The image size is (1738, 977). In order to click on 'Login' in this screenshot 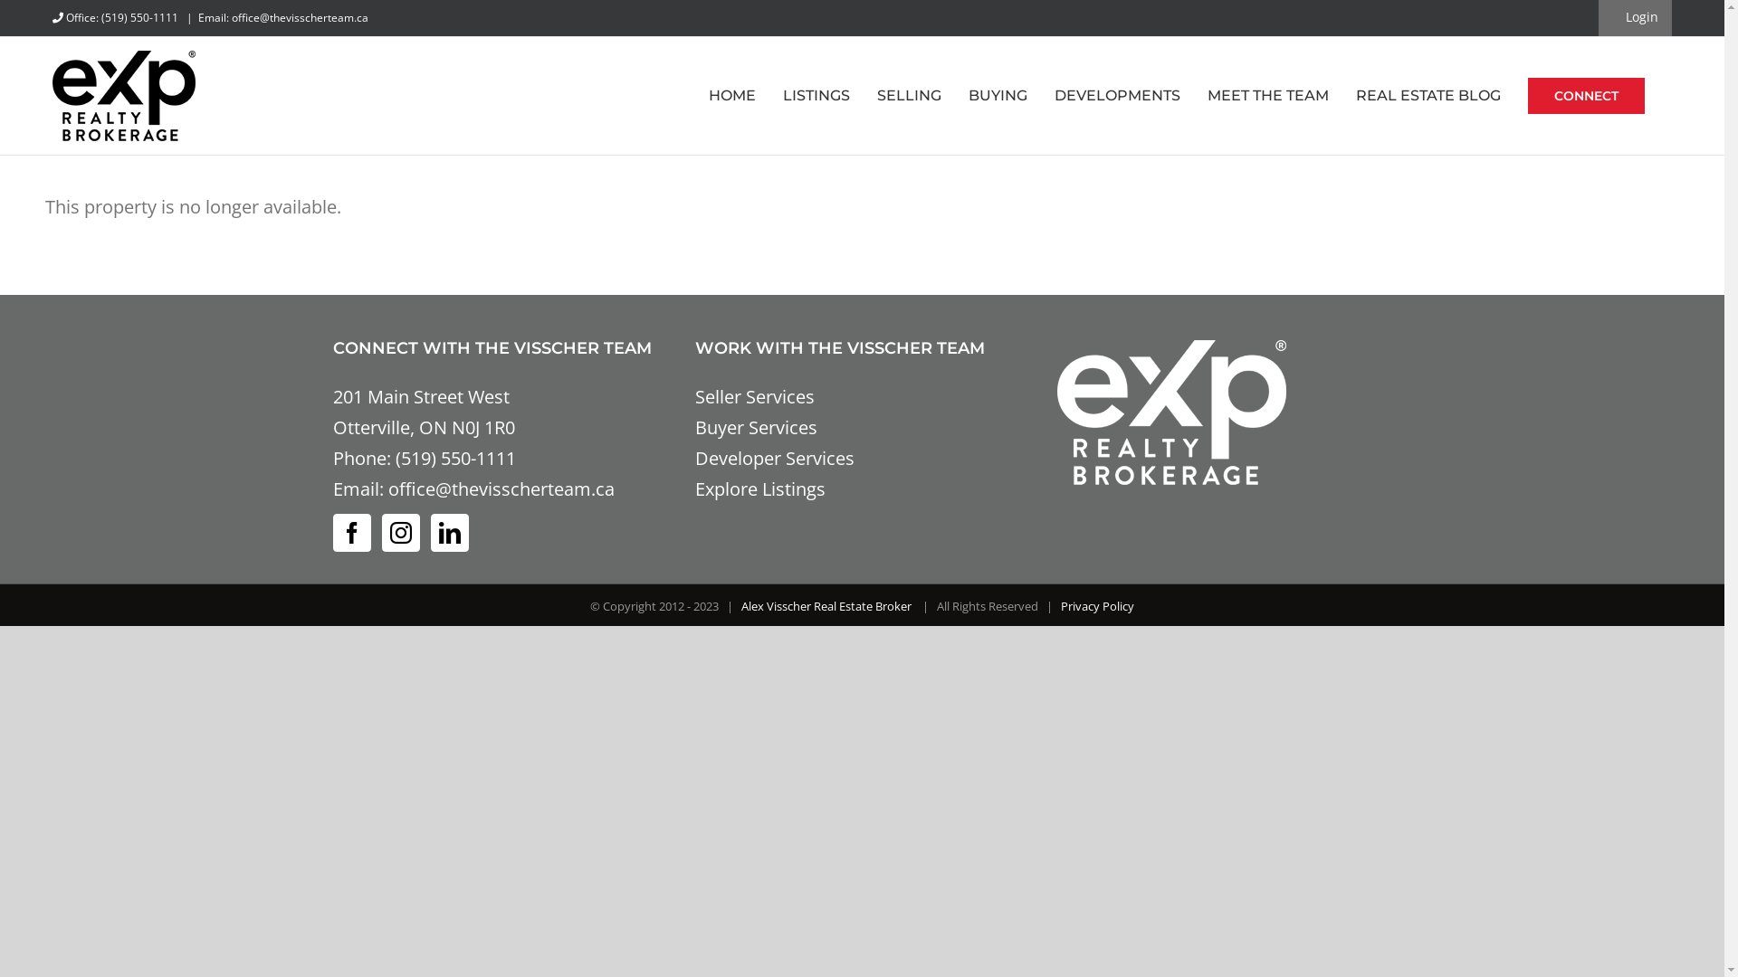, I will do `click(1633, 17)`.